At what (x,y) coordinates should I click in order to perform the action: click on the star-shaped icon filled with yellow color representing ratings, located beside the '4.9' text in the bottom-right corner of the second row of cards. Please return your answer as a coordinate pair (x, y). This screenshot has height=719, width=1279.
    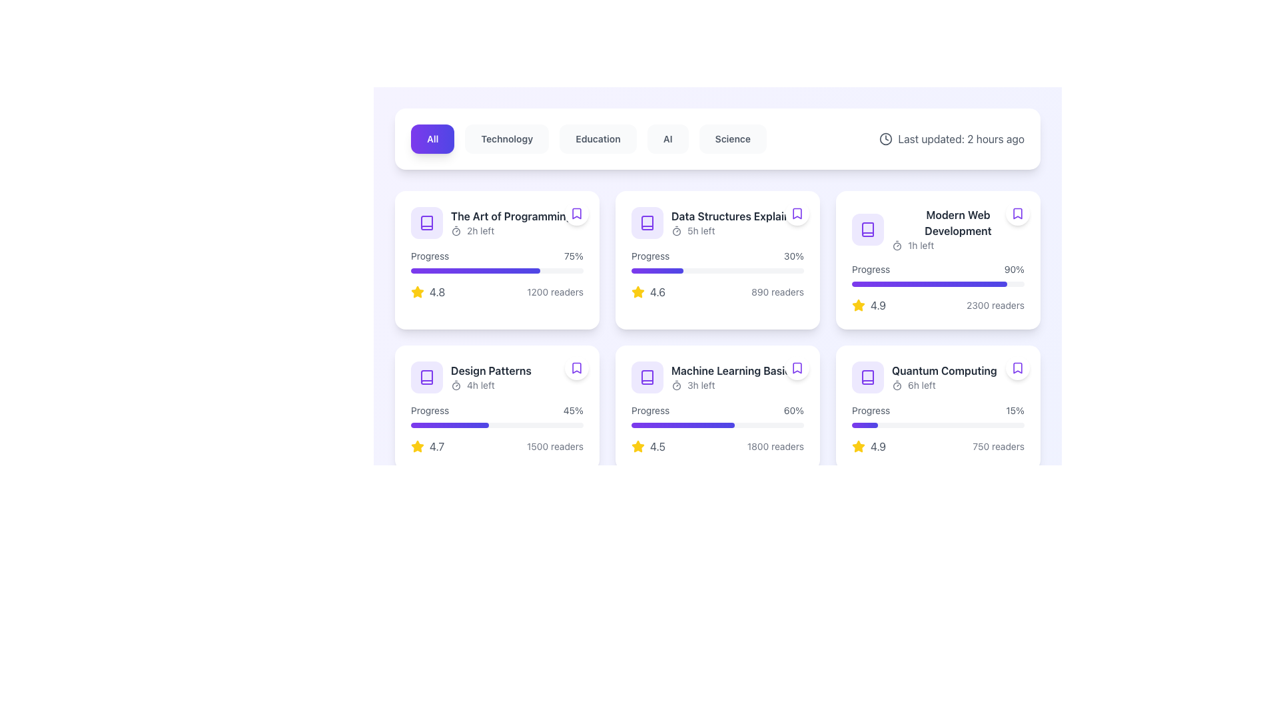
    Looking at the image, I should click on (859, 447).